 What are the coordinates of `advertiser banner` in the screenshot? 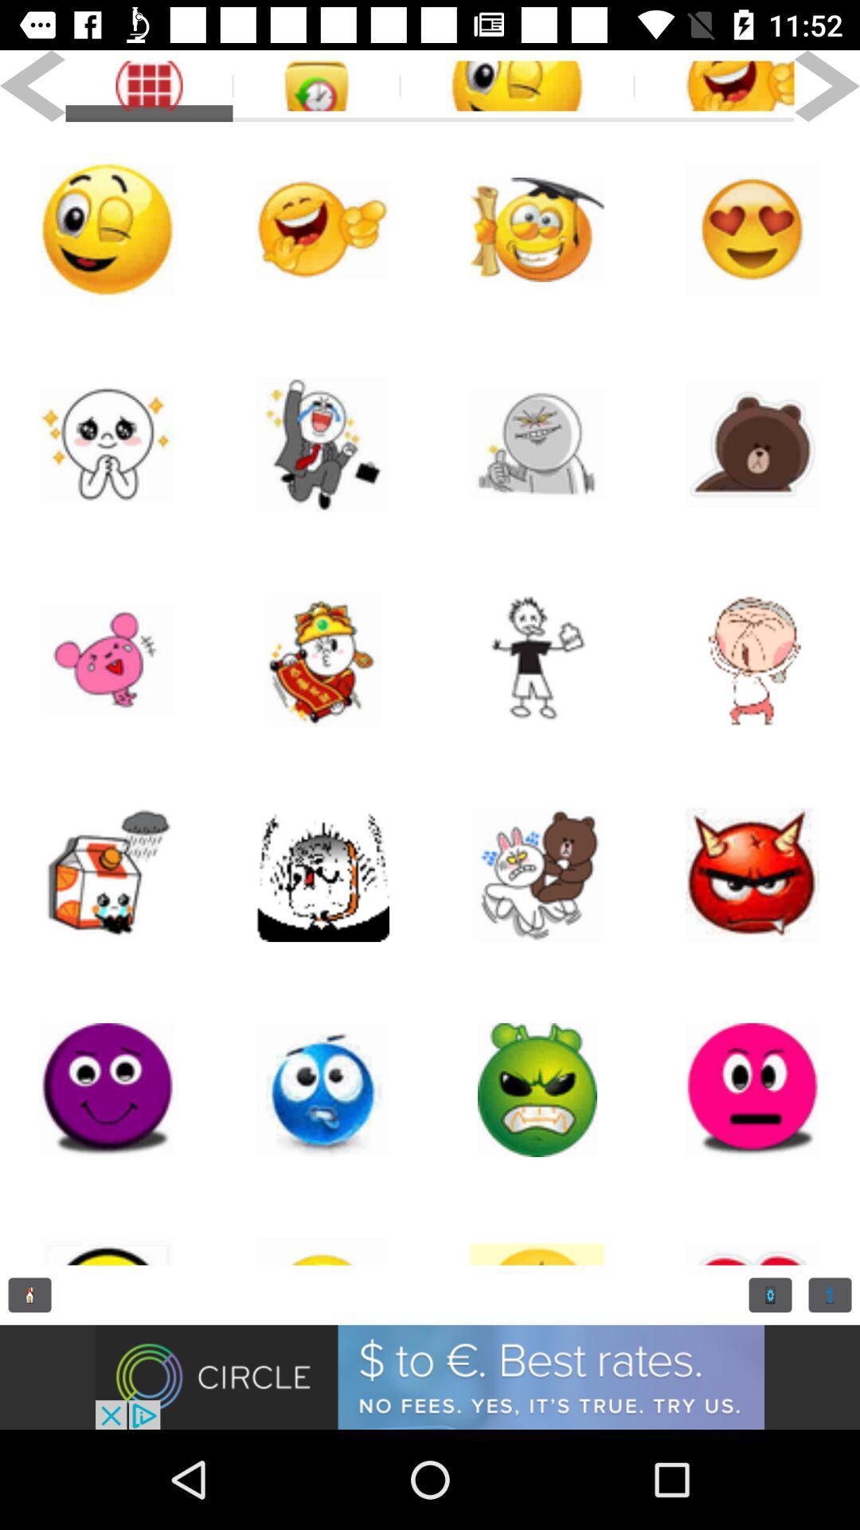 It's located at (430, 1376).